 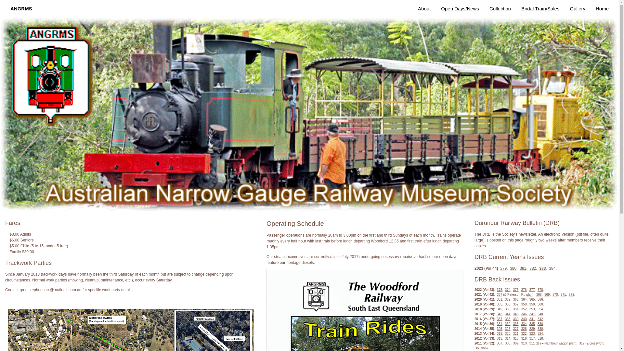 What do you see at coordinates (529, 294) in the screenshot?
I see `'plan'` at bounding box center [529, 294].